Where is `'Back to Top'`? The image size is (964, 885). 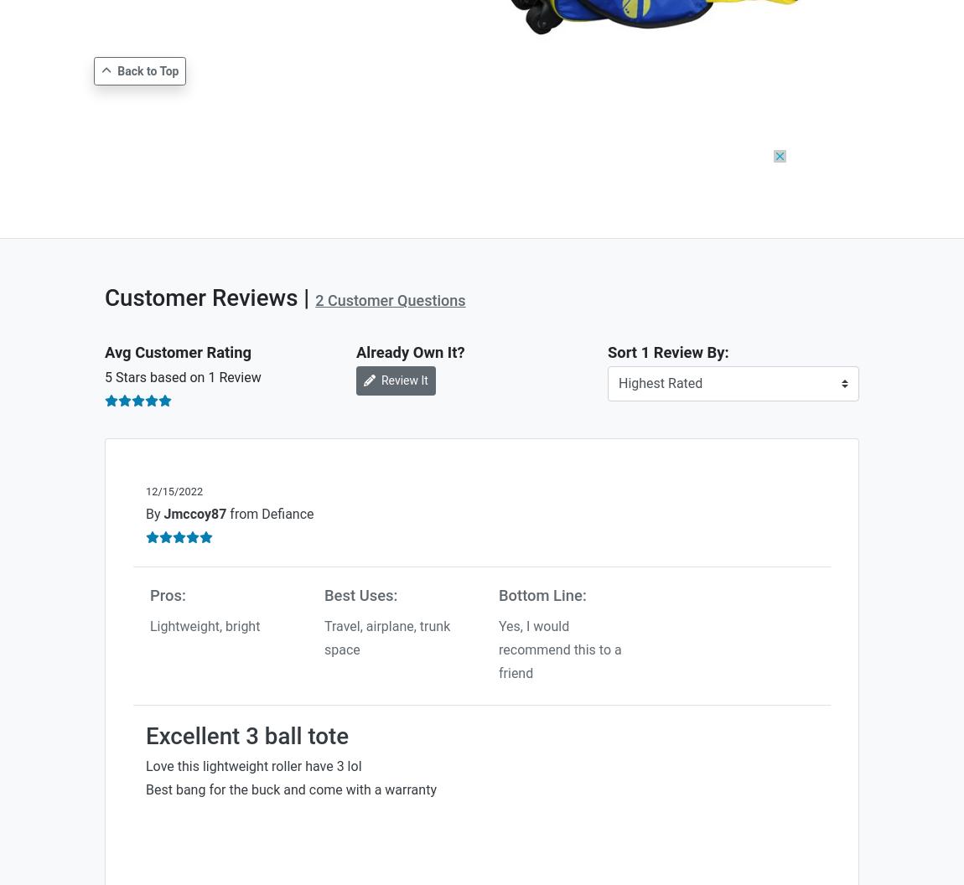 'Back to Top' is located at coordinates (147, 69).